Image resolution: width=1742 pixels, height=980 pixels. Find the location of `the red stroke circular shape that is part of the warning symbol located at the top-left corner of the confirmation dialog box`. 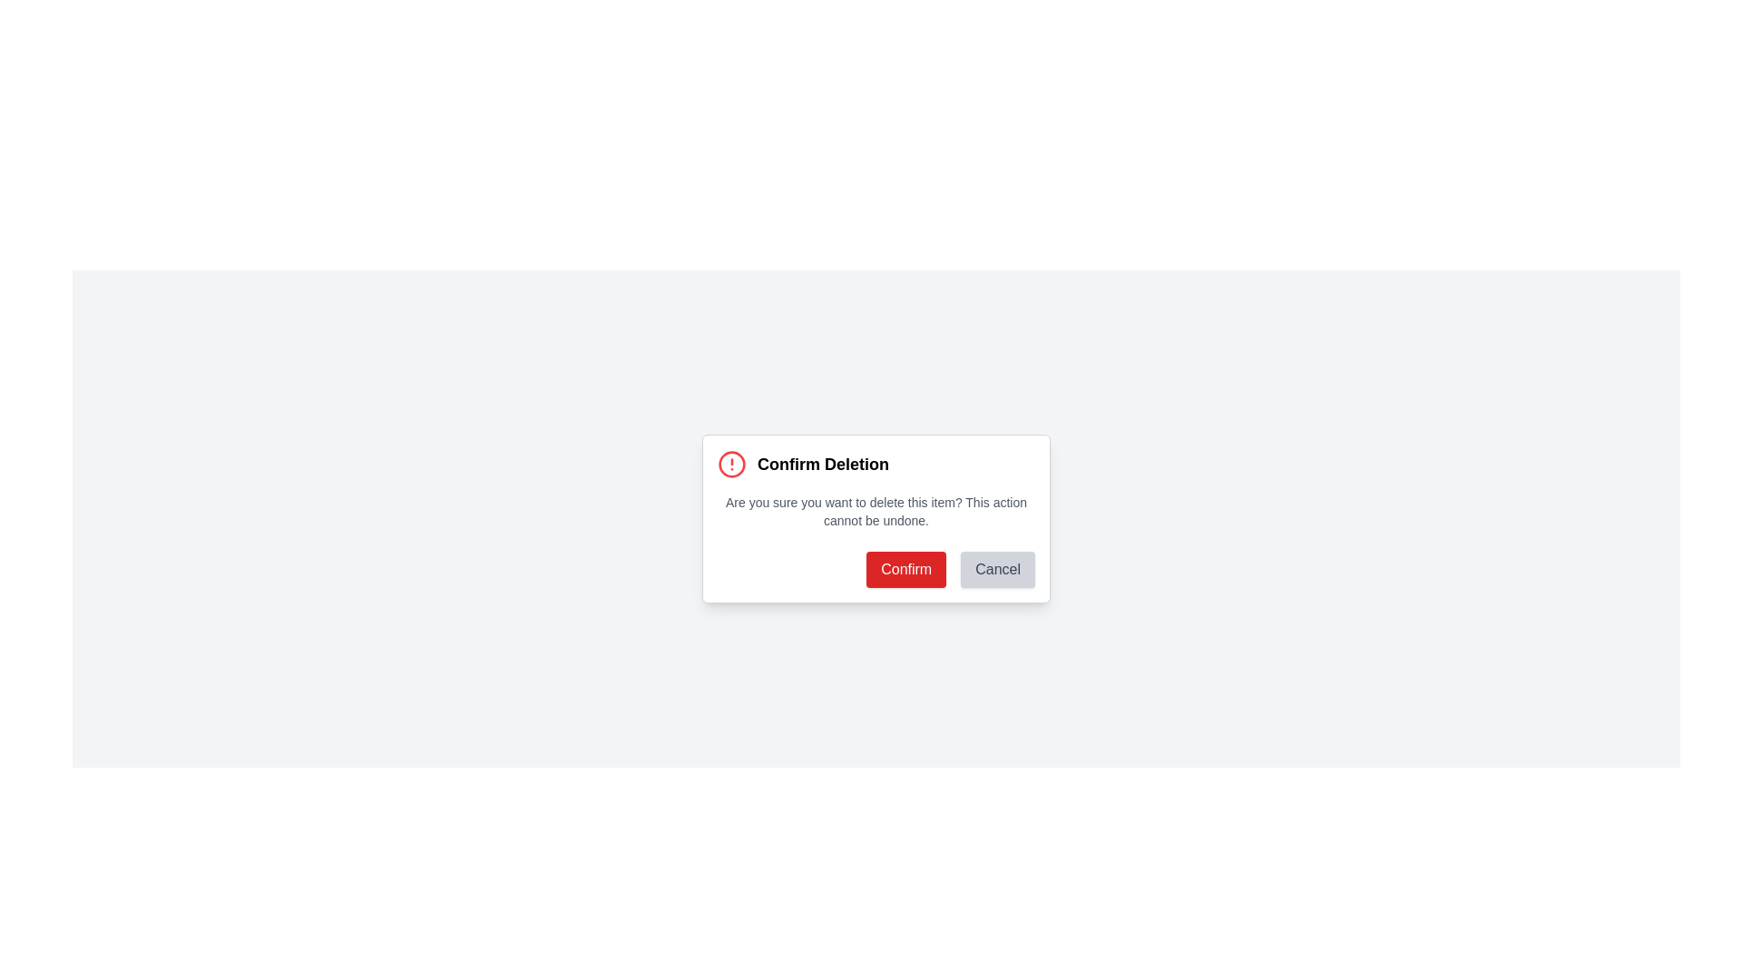

the red stroke circular shape that is part of the warning symbol located at the top-left corner of the confirmation dialog box is located at coordinates (731, 462).